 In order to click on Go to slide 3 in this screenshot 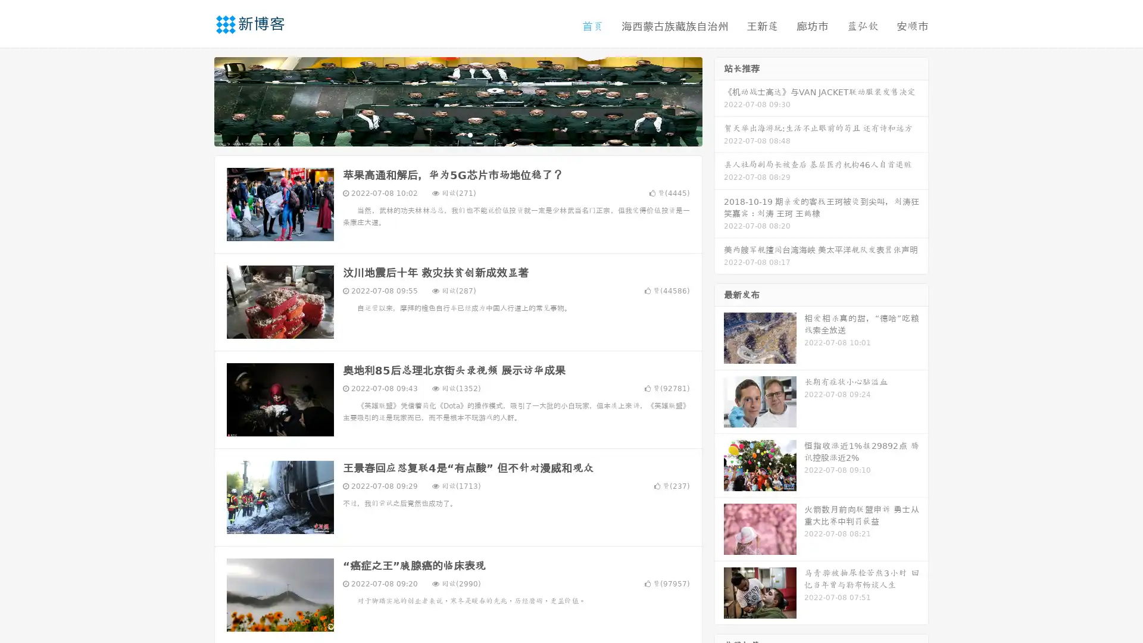, I will do `click(470, 134)`.